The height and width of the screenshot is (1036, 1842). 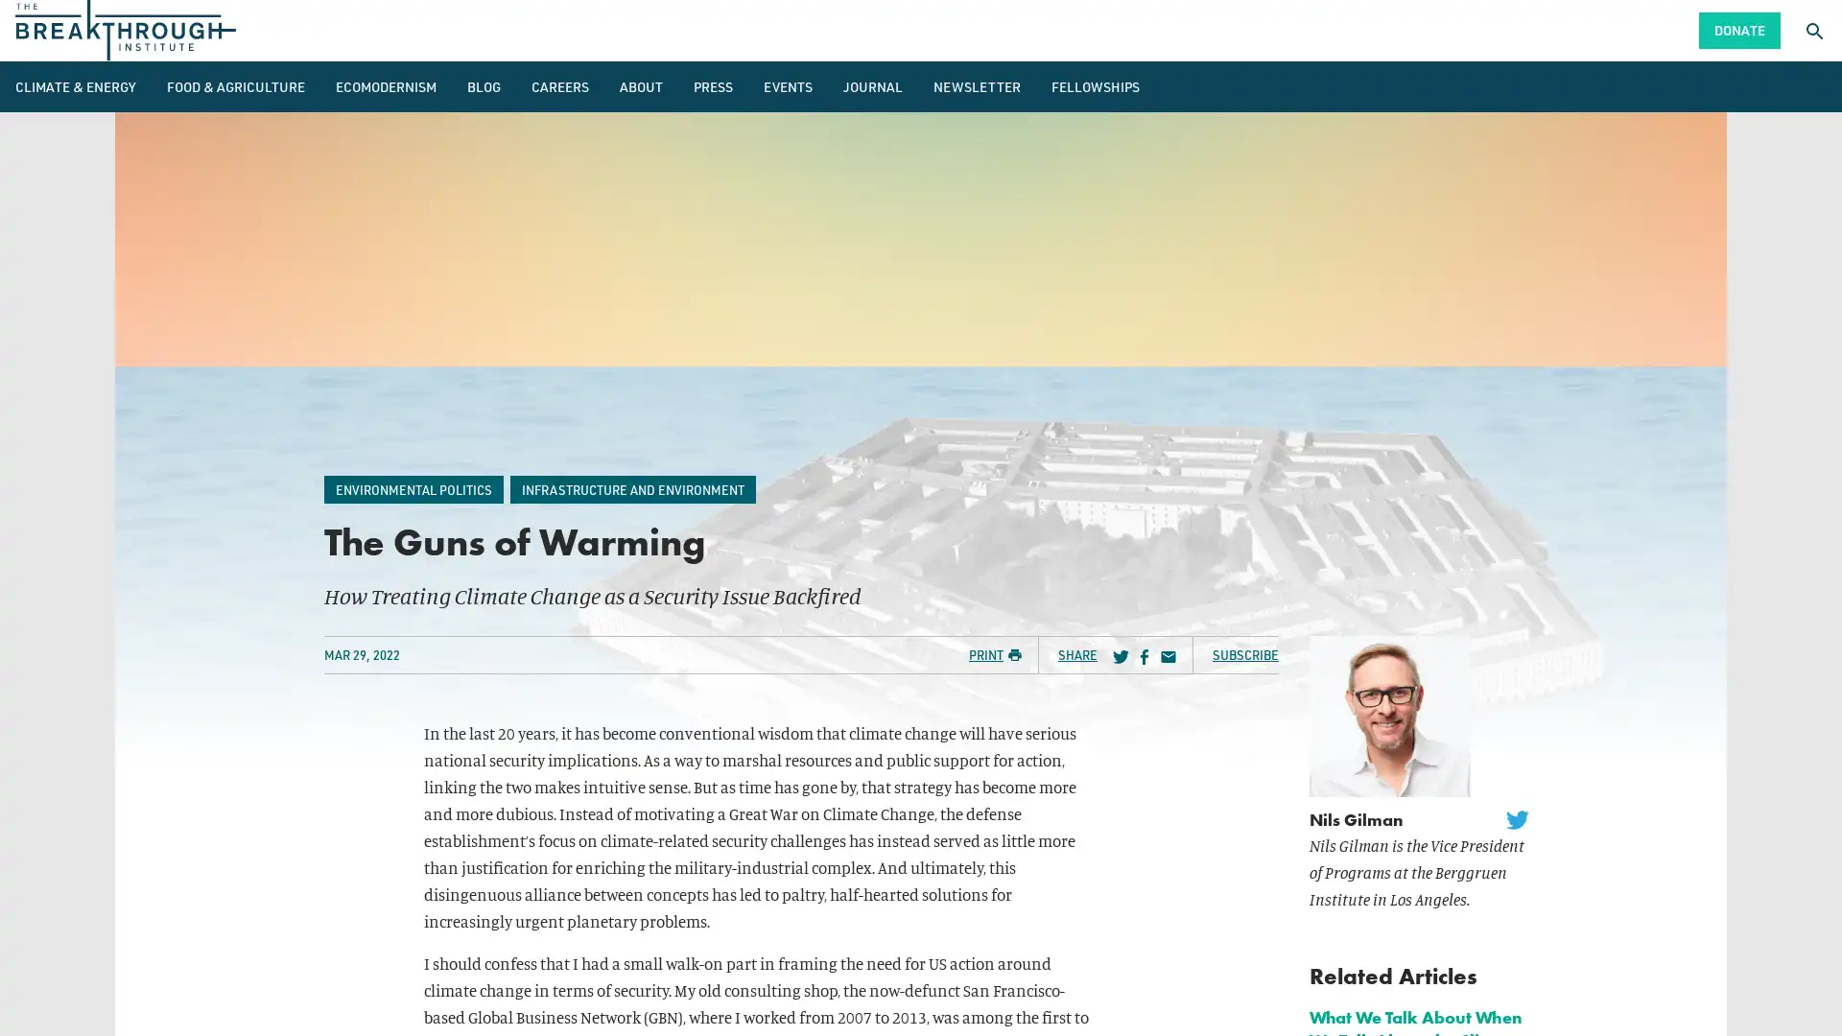 What do you see at coordinates (996, 653) in the screenshot?
I see `PRINT` at bounding box center [996, 653].